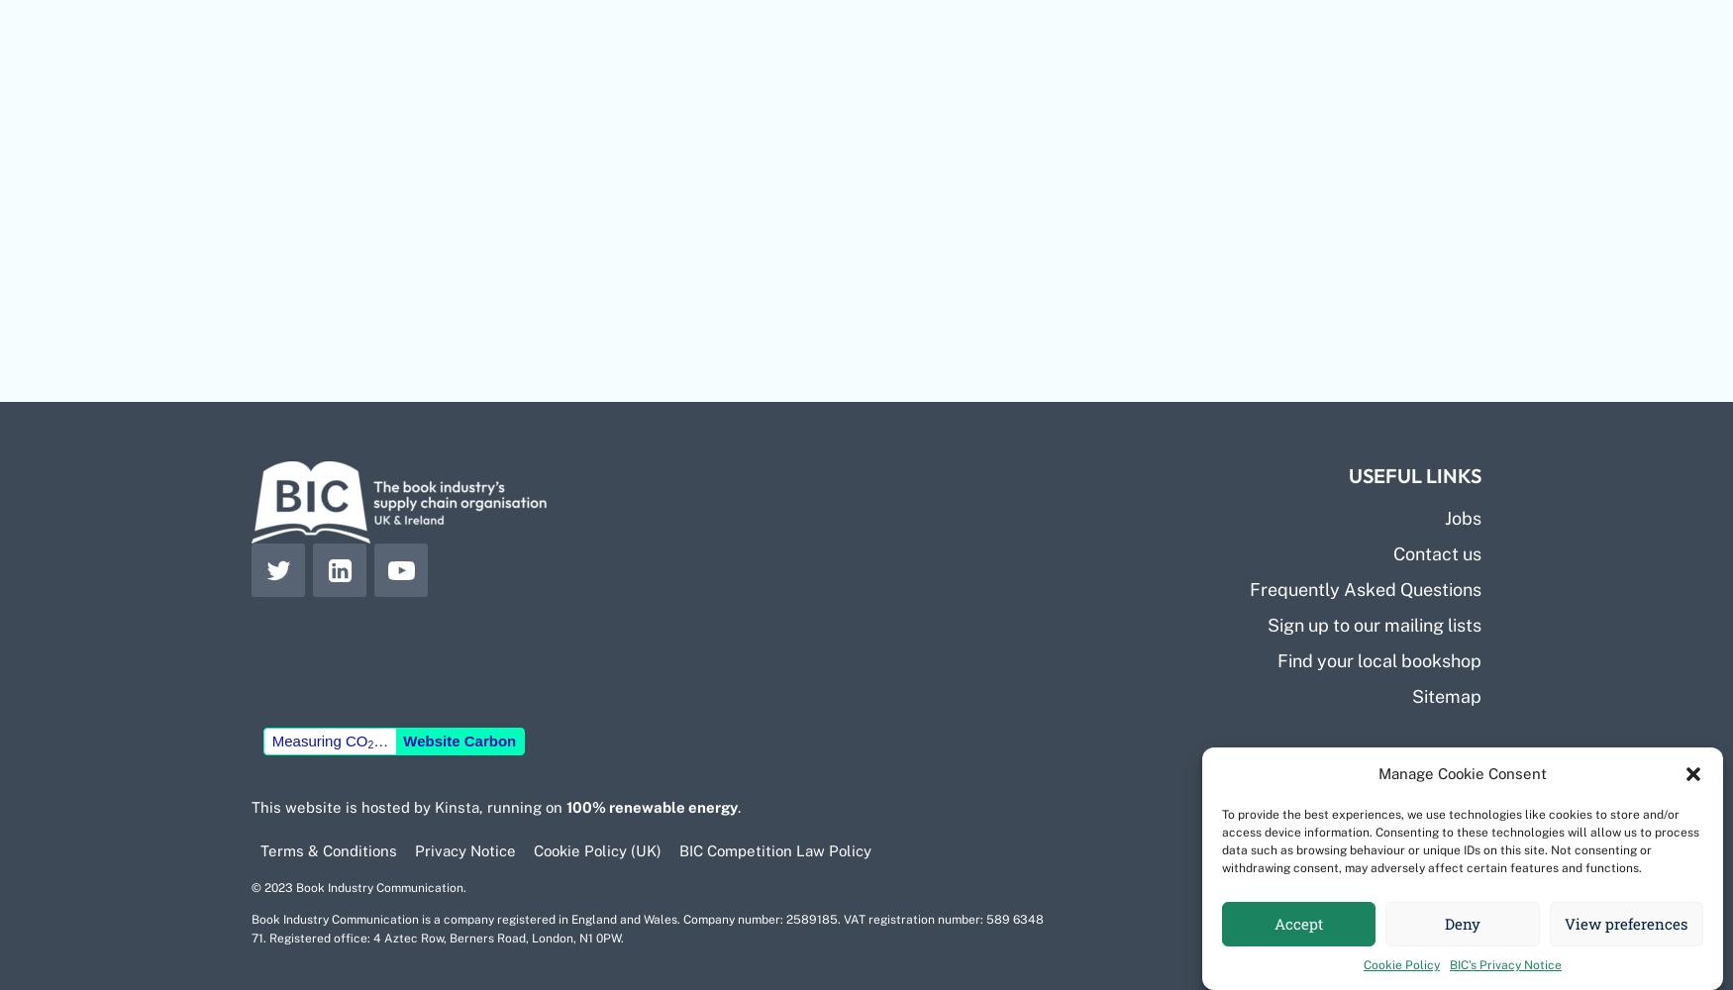  I want to click on 'Cookie Policy (UK)', so click(597, 848).